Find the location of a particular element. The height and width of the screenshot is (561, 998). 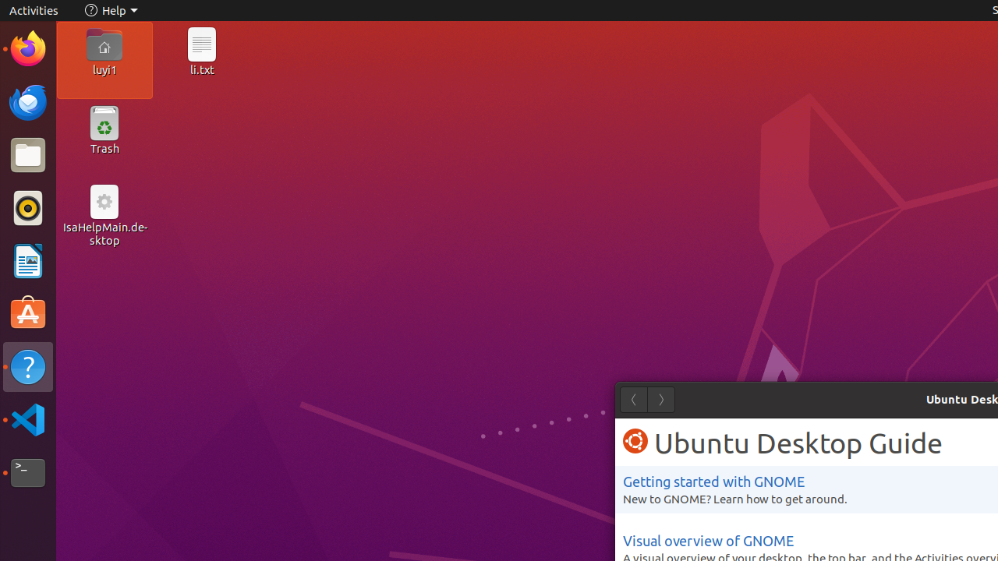

'Activities' is located at coordinates (34, 10).